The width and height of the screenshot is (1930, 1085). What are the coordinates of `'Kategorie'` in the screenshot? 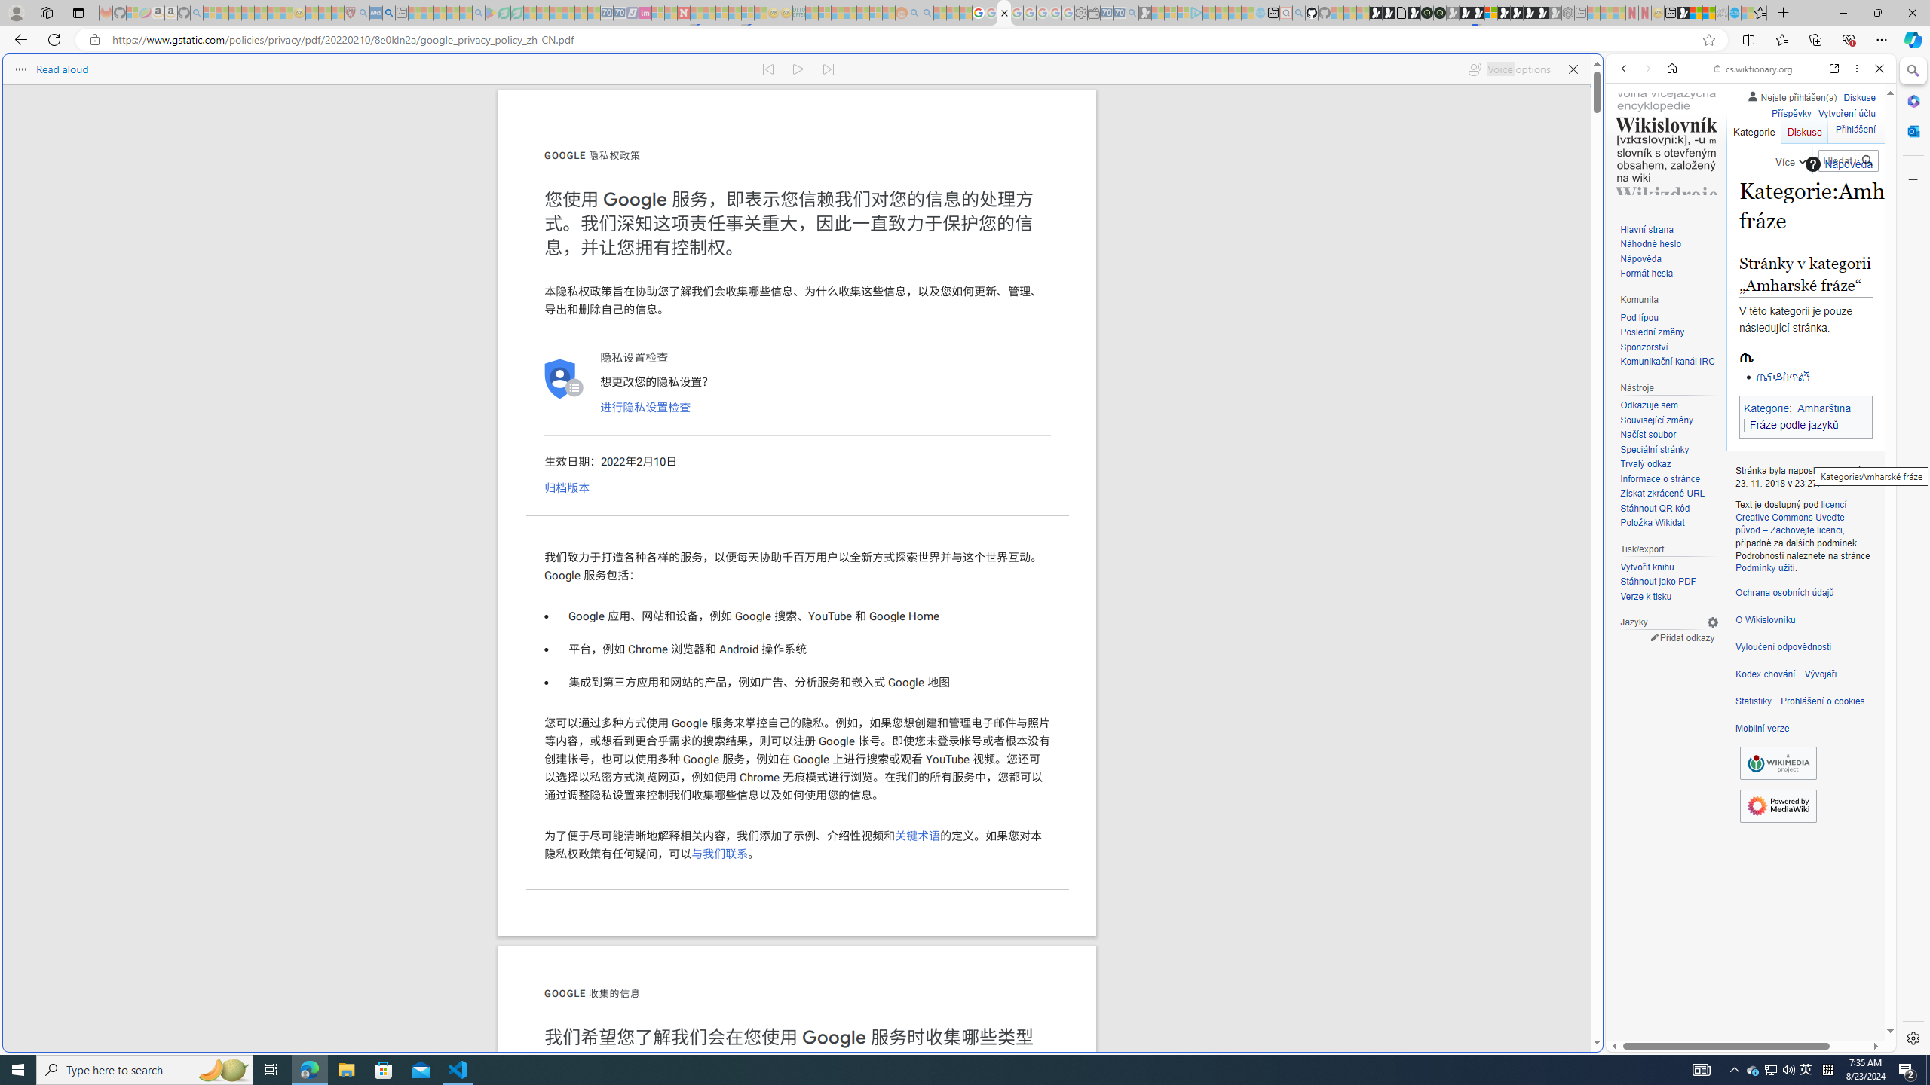 It's located at (1754, 129).